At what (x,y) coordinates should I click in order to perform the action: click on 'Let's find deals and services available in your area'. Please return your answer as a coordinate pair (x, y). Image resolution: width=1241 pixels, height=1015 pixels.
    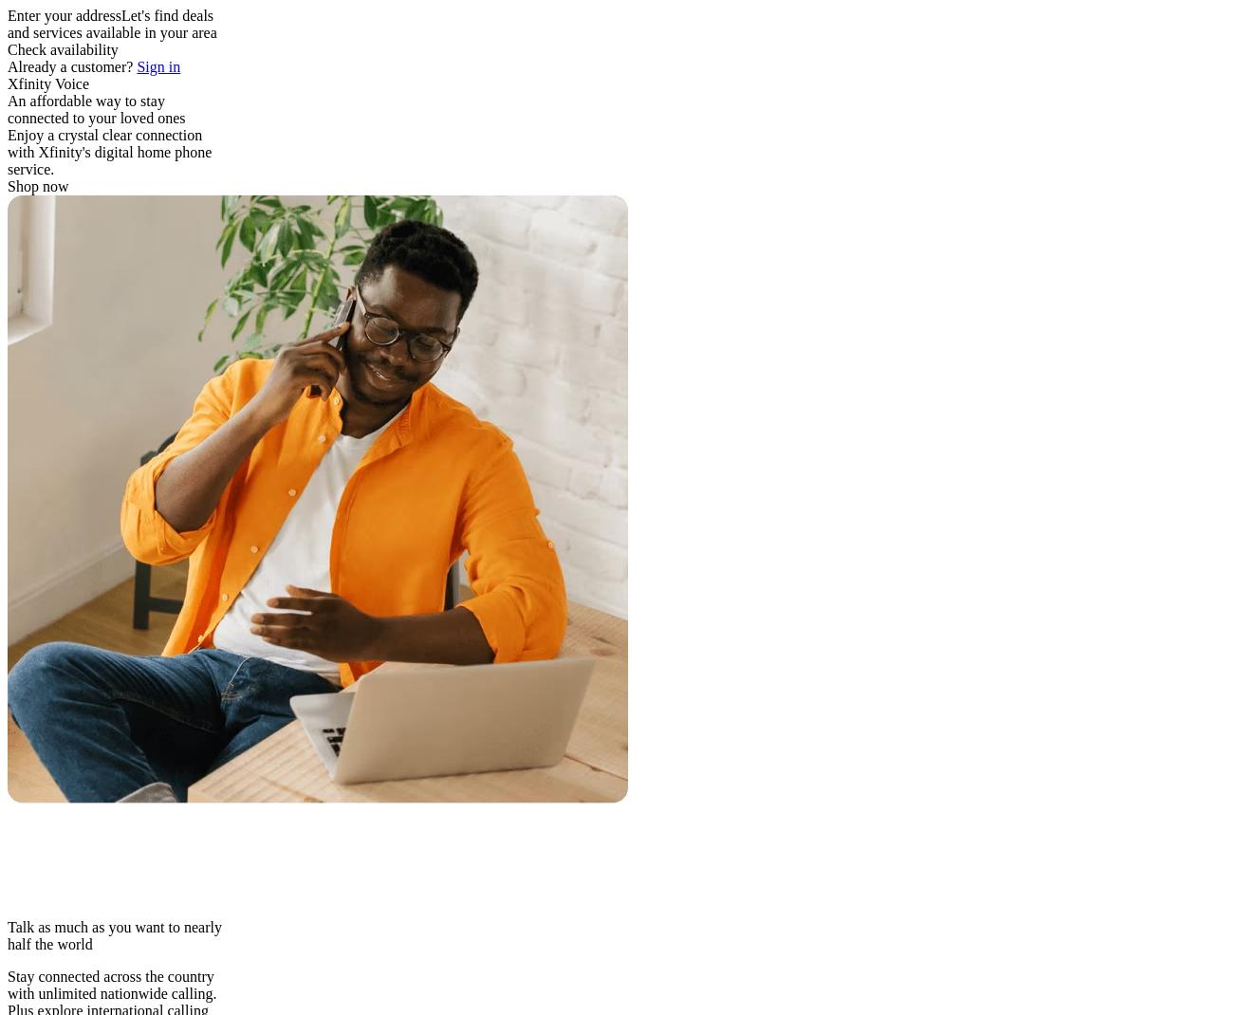
    Looking at the image, I should click on (110, 23).